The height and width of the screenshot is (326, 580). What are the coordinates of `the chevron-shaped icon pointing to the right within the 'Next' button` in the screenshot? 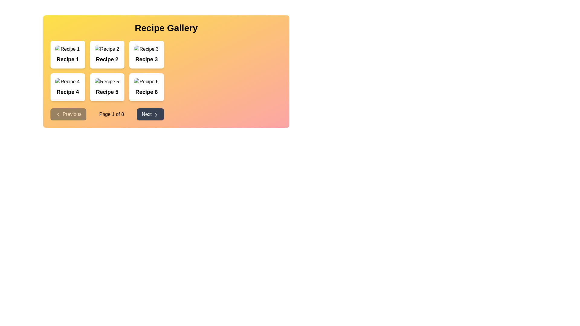 It's located at (156, 114).